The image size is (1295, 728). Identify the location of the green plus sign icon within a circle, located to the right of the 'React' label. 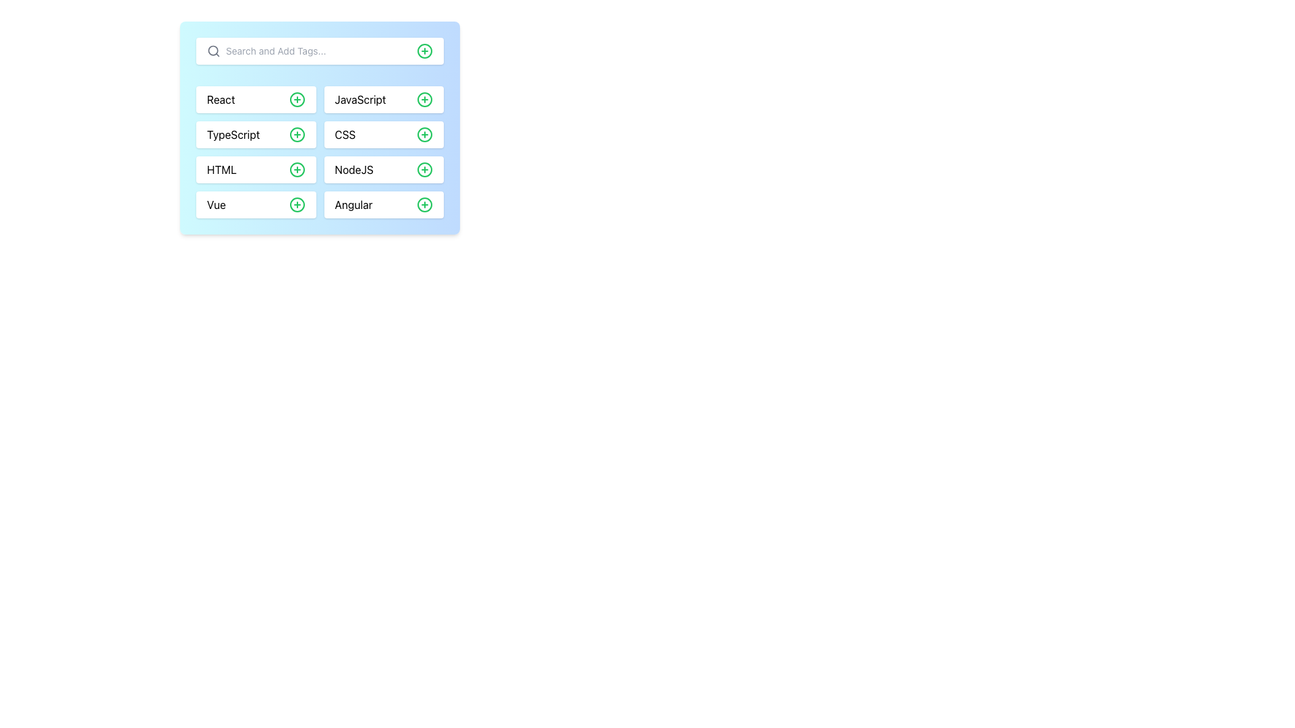
(296, 98).